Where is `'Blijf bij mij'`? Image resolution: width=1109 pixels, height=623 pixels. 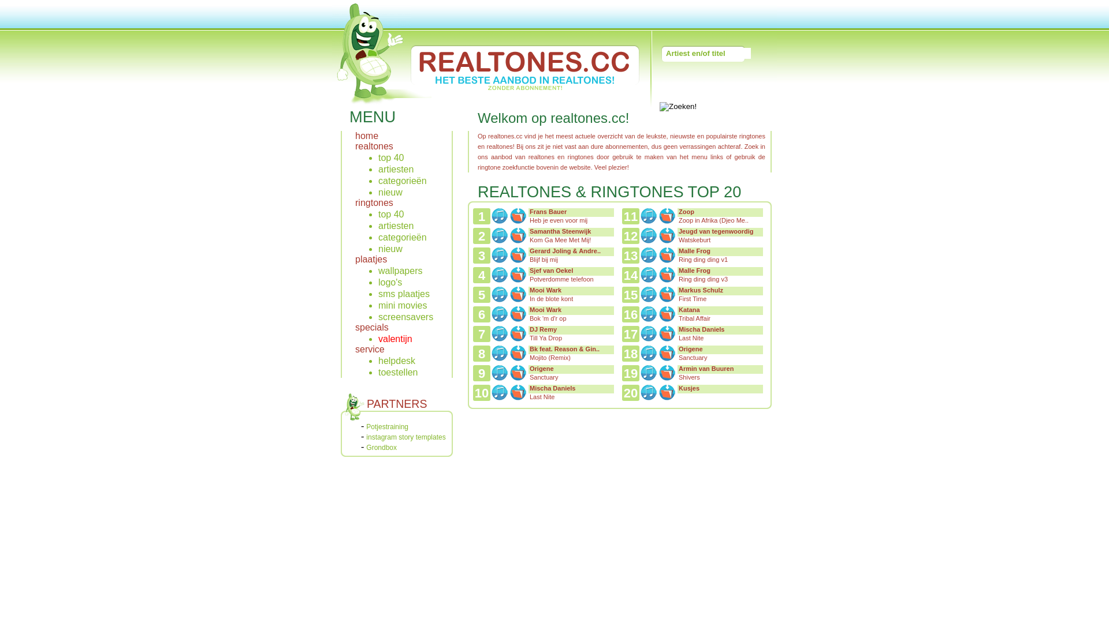
'Blijf bij mij' is located at coordinates (529, 260).